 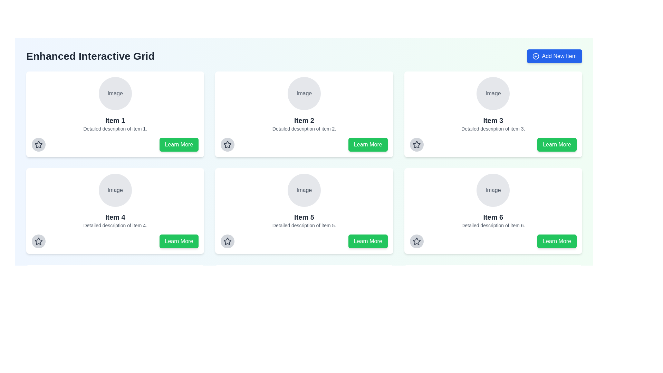 I want to click on the text element reading 'Detailed description of item 2.' which is styled with a gray font and located beneath the heading 'Item 2' within its card, so click(x=304, y=129).